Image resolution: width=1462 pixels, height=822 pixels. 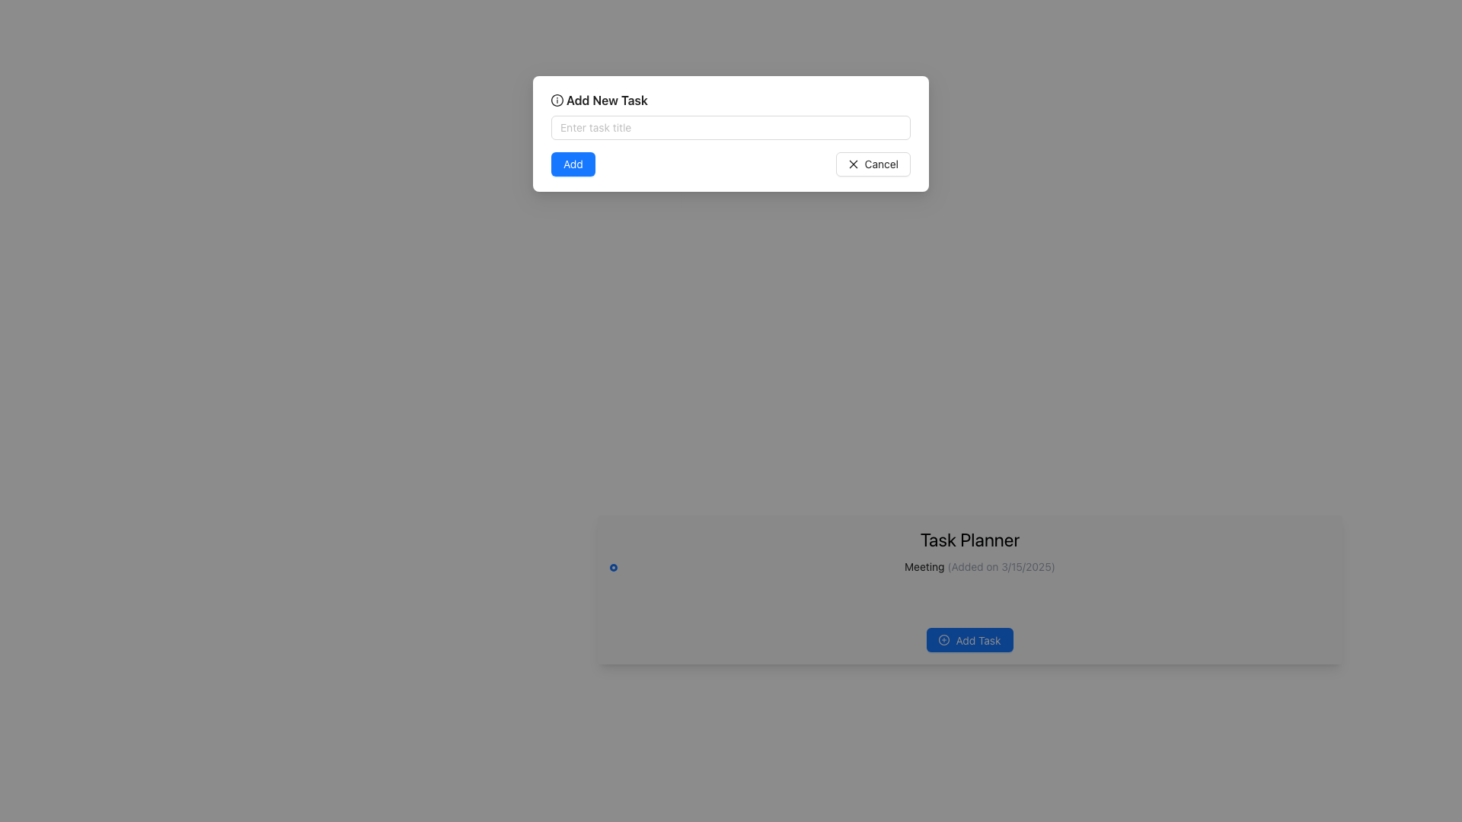 What do you see at coordinates (943, 639) in the screenshot?
I see `the '+' icon inside the circular button labeled 'Add Task' located at the bottom center of the 'Task Planner' panel` at bounding box center [943, 639].